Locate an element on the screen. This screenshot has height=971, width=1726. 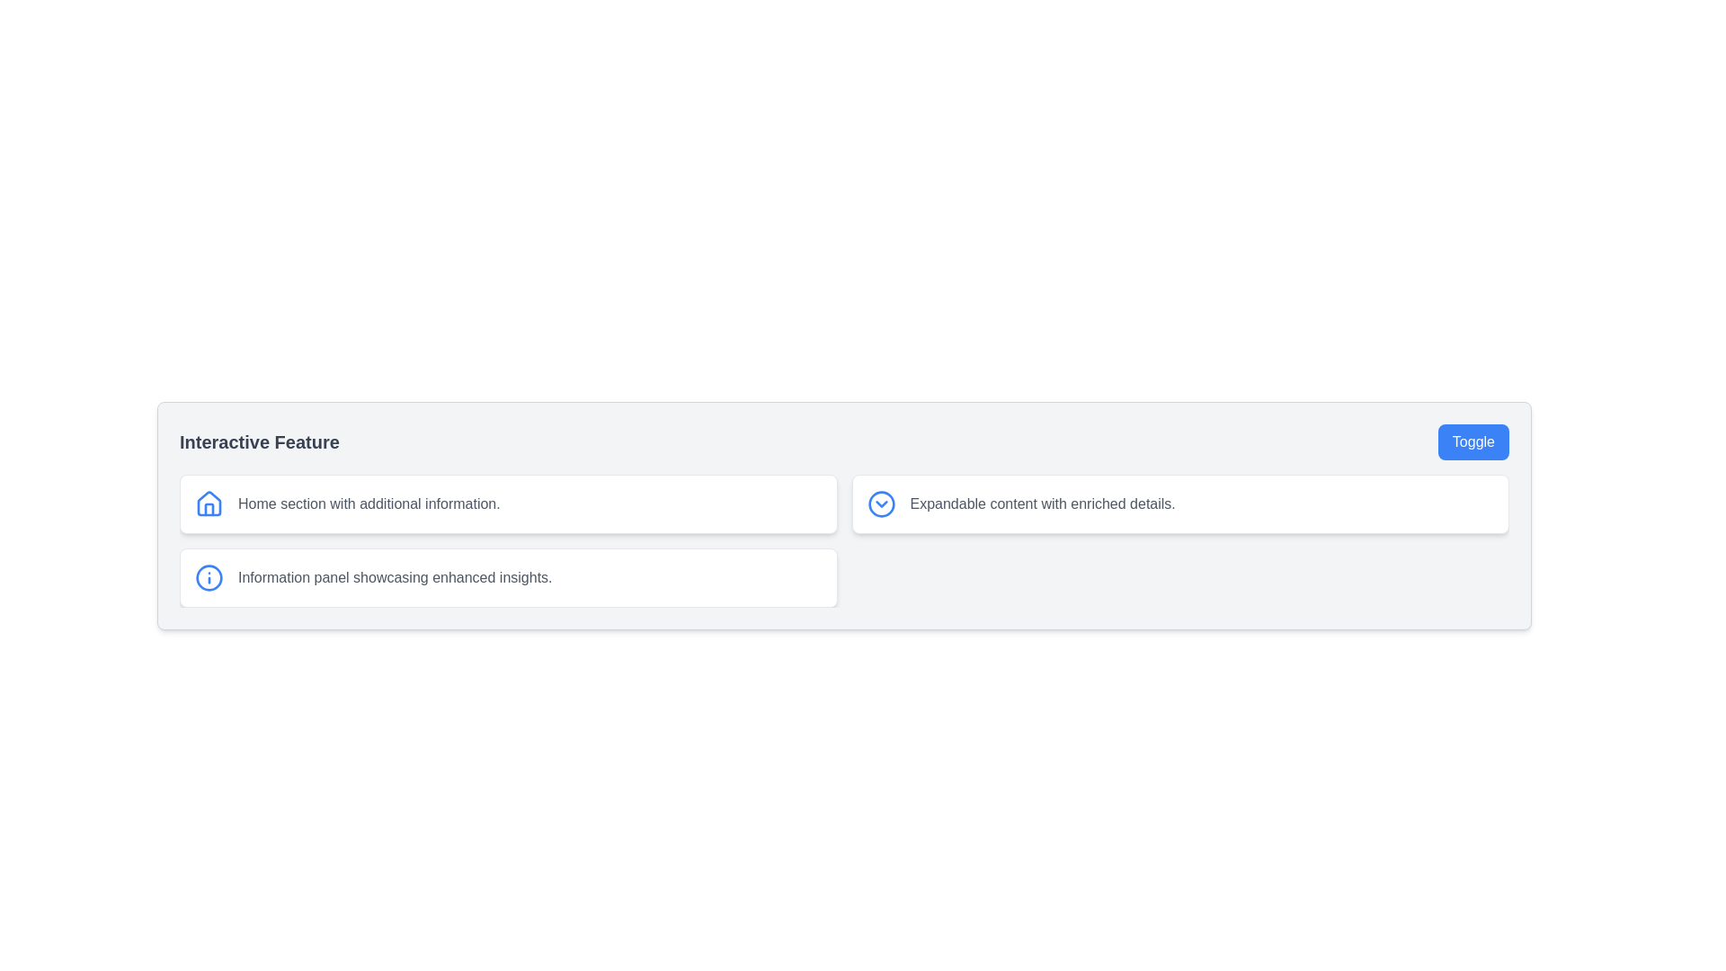
the descriptive text element that serves as a header for the expandable section located in the middle-right area of the interface is located at coordinates (1043, 503).